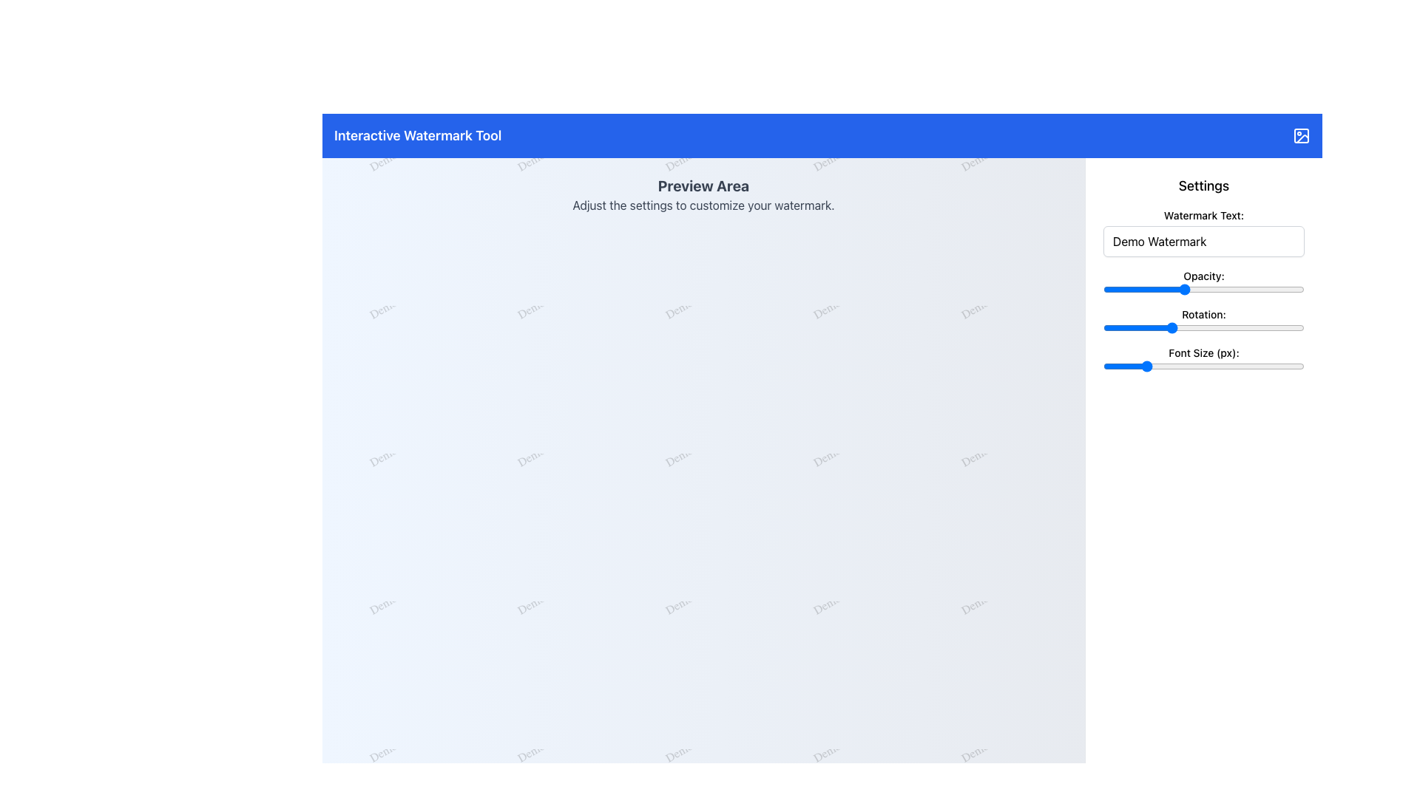 This screenshot has width=1420, height=798. I want to click on the rotation value of the slider, so click(1207, 327).